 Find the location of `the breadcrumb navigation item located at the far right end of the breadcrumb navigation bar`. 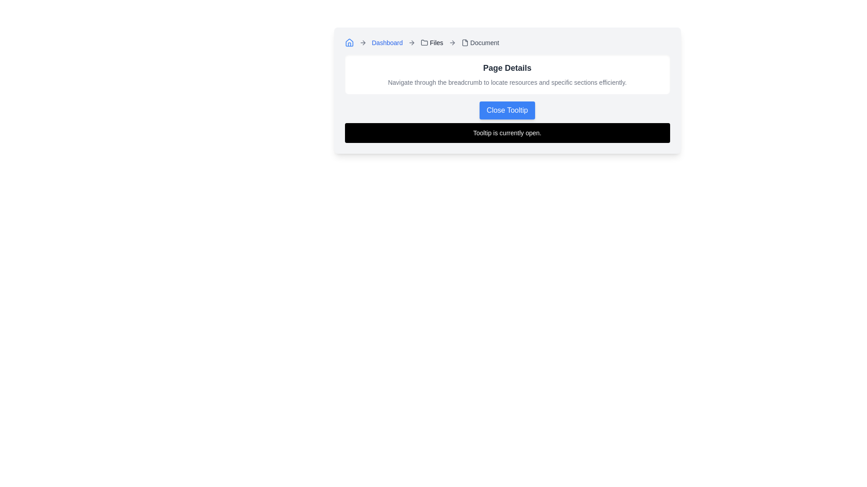

the breadcrumb navigation item located at the far right end of the breadcrumb navigation bar is located at coordinates (480, 43).